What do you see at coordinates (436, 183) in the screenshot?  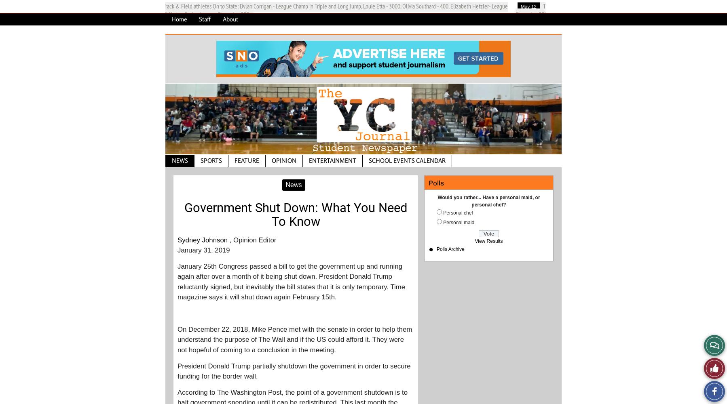 I see `'Polls'` at bounding box center [436, 183].